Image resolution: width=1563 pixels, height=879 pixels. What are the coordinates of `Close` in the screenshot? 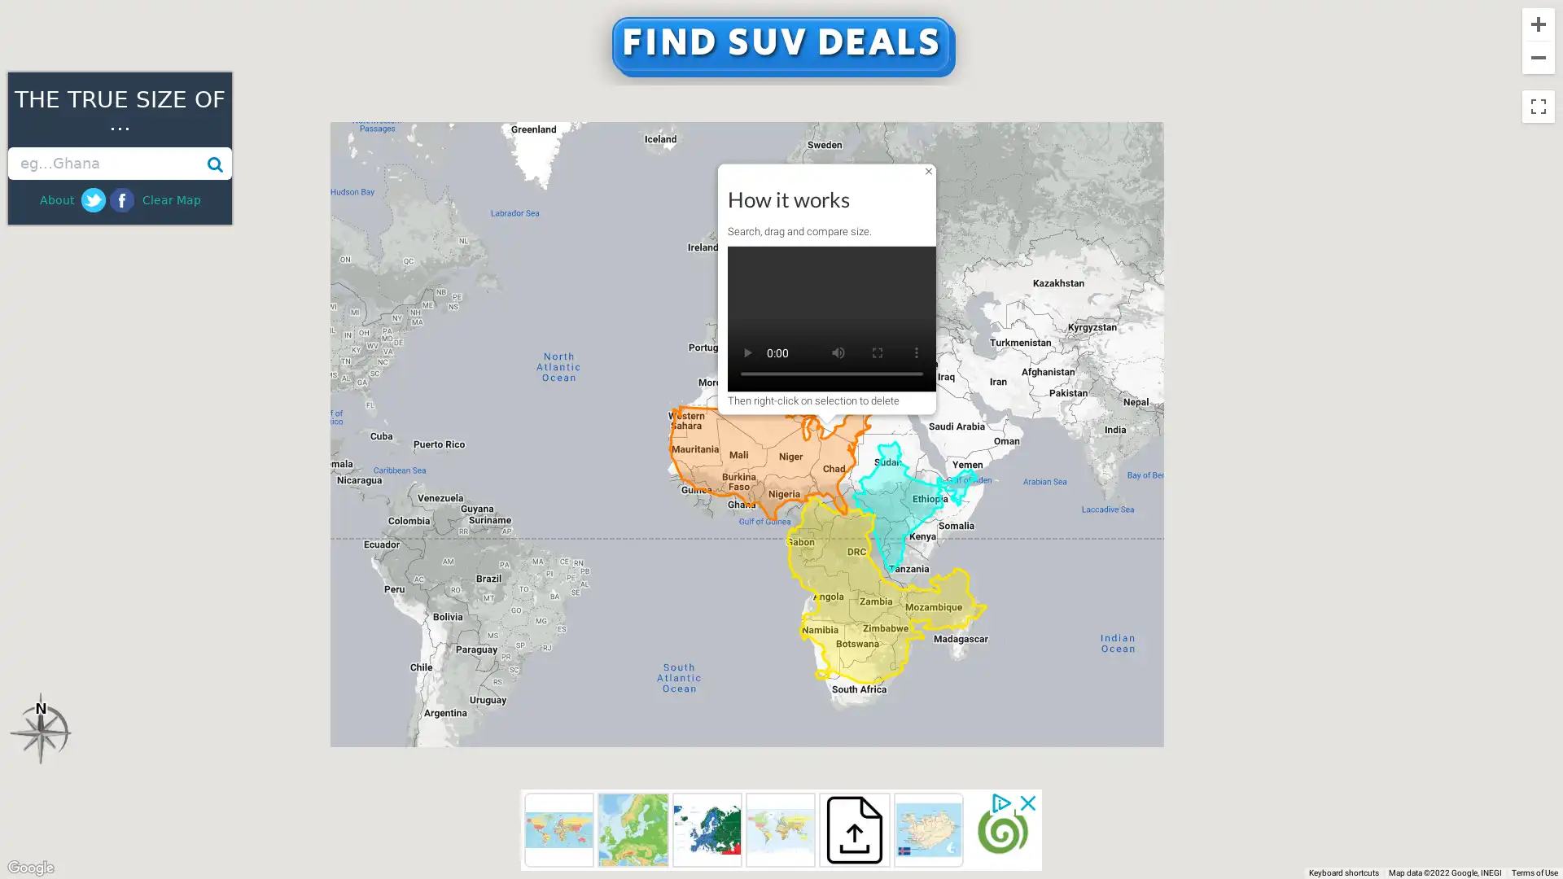 It's located at (929, 170).